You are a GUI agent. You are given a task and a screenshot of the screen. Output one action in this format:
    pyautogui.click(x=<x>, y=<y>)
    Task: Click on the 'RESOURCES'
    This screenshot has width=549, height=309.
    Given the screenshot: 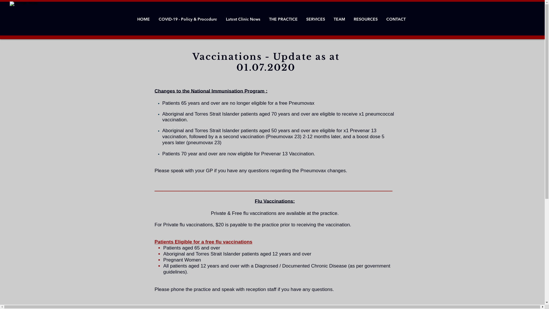 What is the action you would take?
    pyautogui.click(x=365, y=19)
    